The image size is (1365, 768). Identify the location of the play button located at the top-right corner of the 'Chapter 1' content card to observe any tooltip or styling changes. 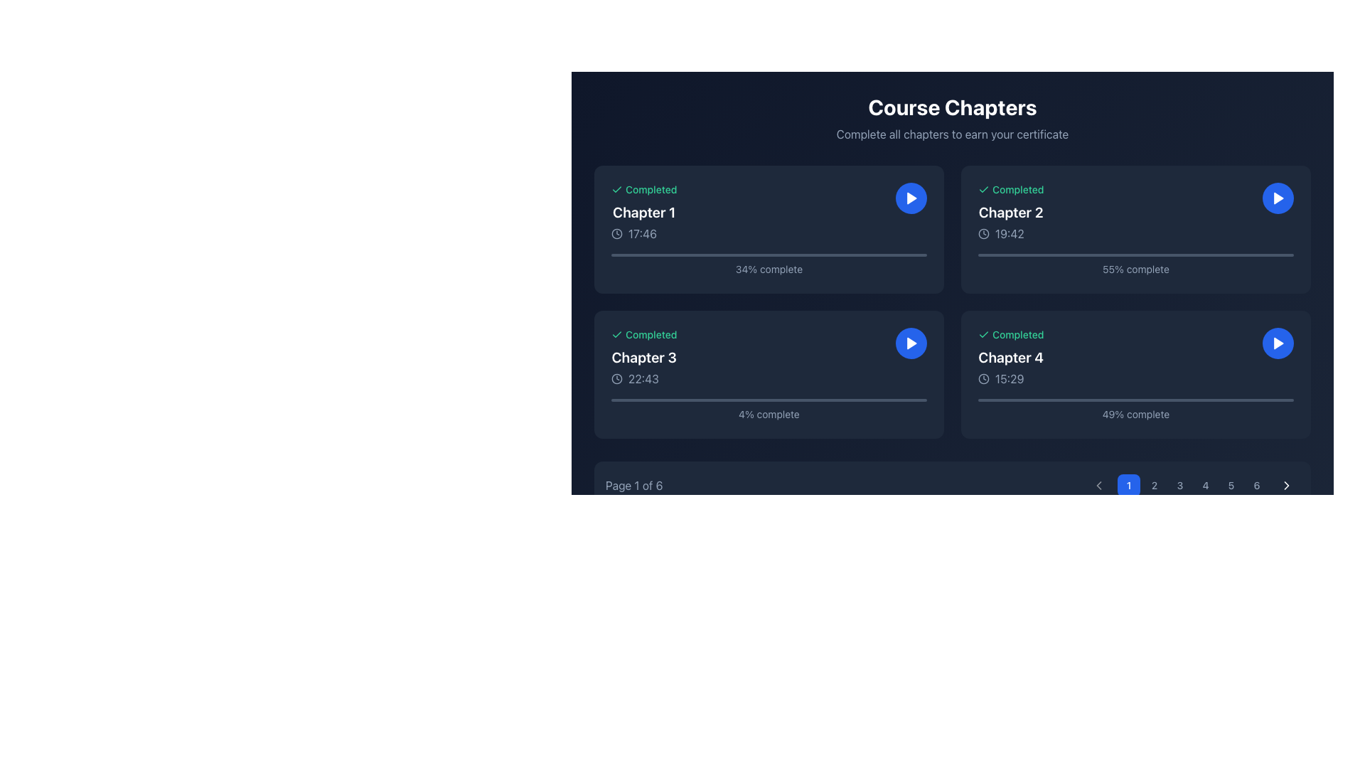
(911, 198).